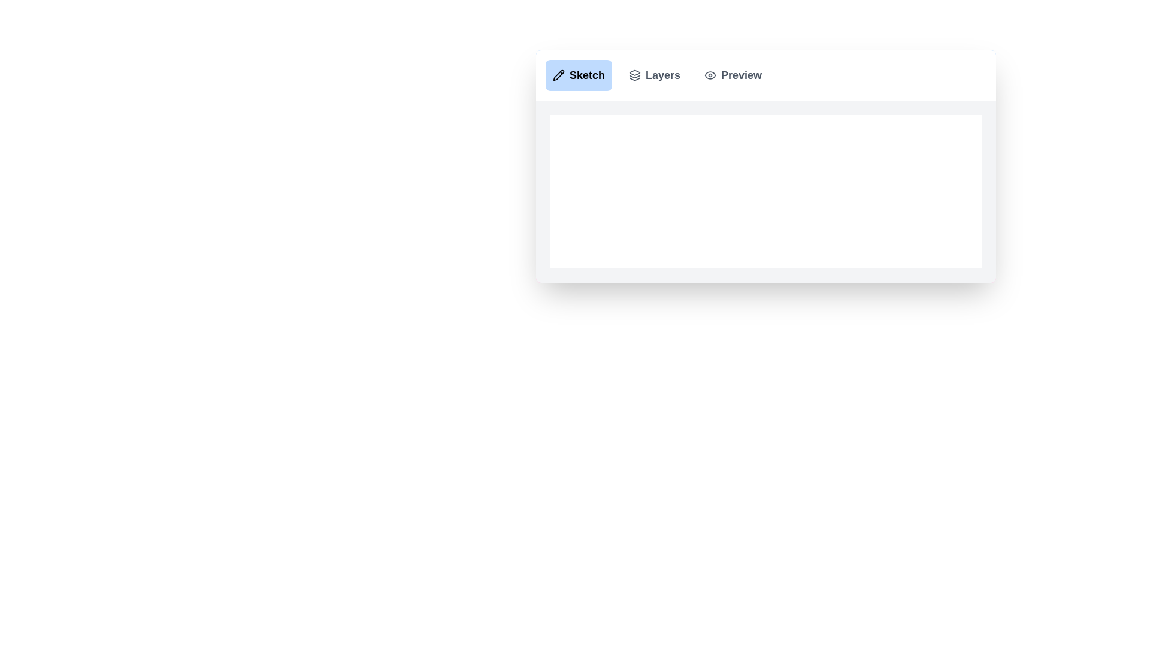 The width and height of the screenshot is (1150, 647). What do you see at coordinates (733, 75) in the screenshot?
I see `the 'Preview' tab to view its content` at bounding box center [733, 75].